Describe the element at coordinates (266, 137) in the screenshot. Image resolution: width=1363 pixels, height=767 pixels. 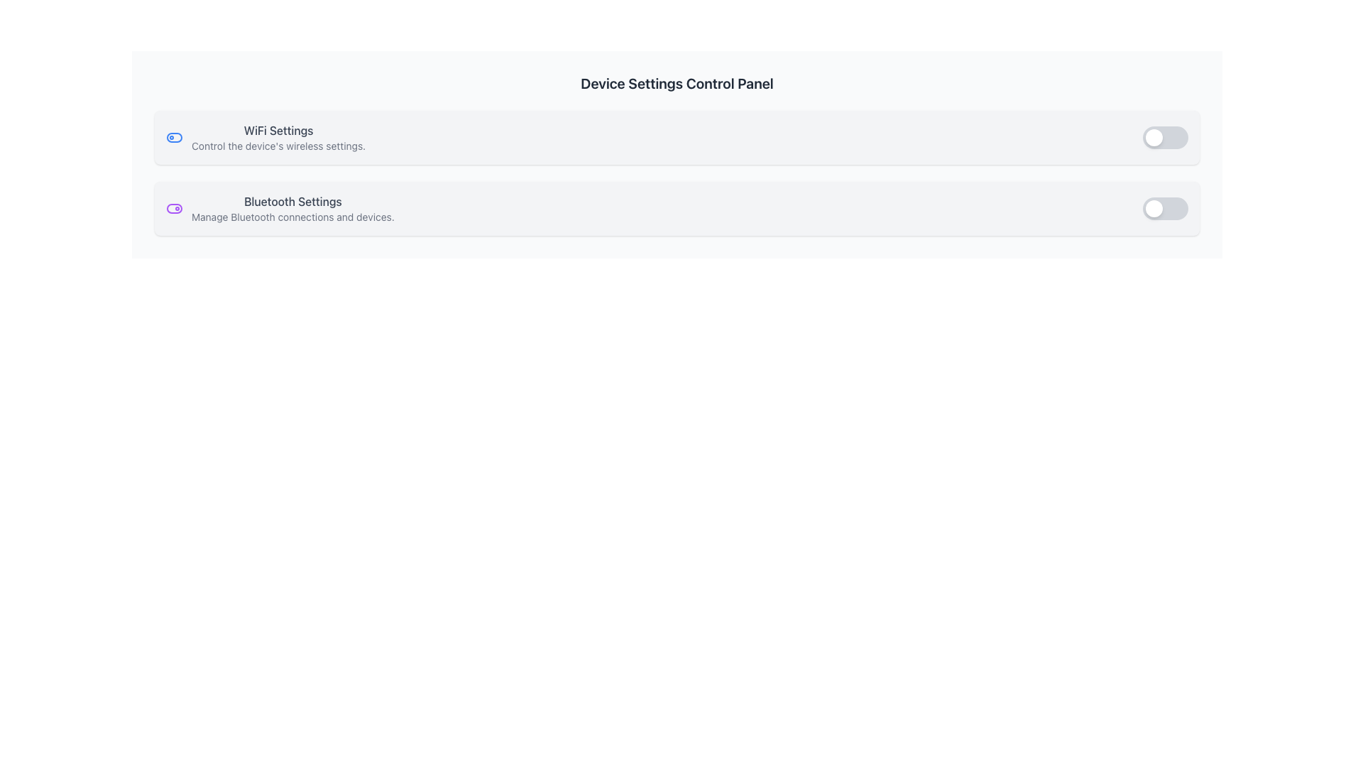
I see `the 'WiFi Settings' informational text block` at that location.